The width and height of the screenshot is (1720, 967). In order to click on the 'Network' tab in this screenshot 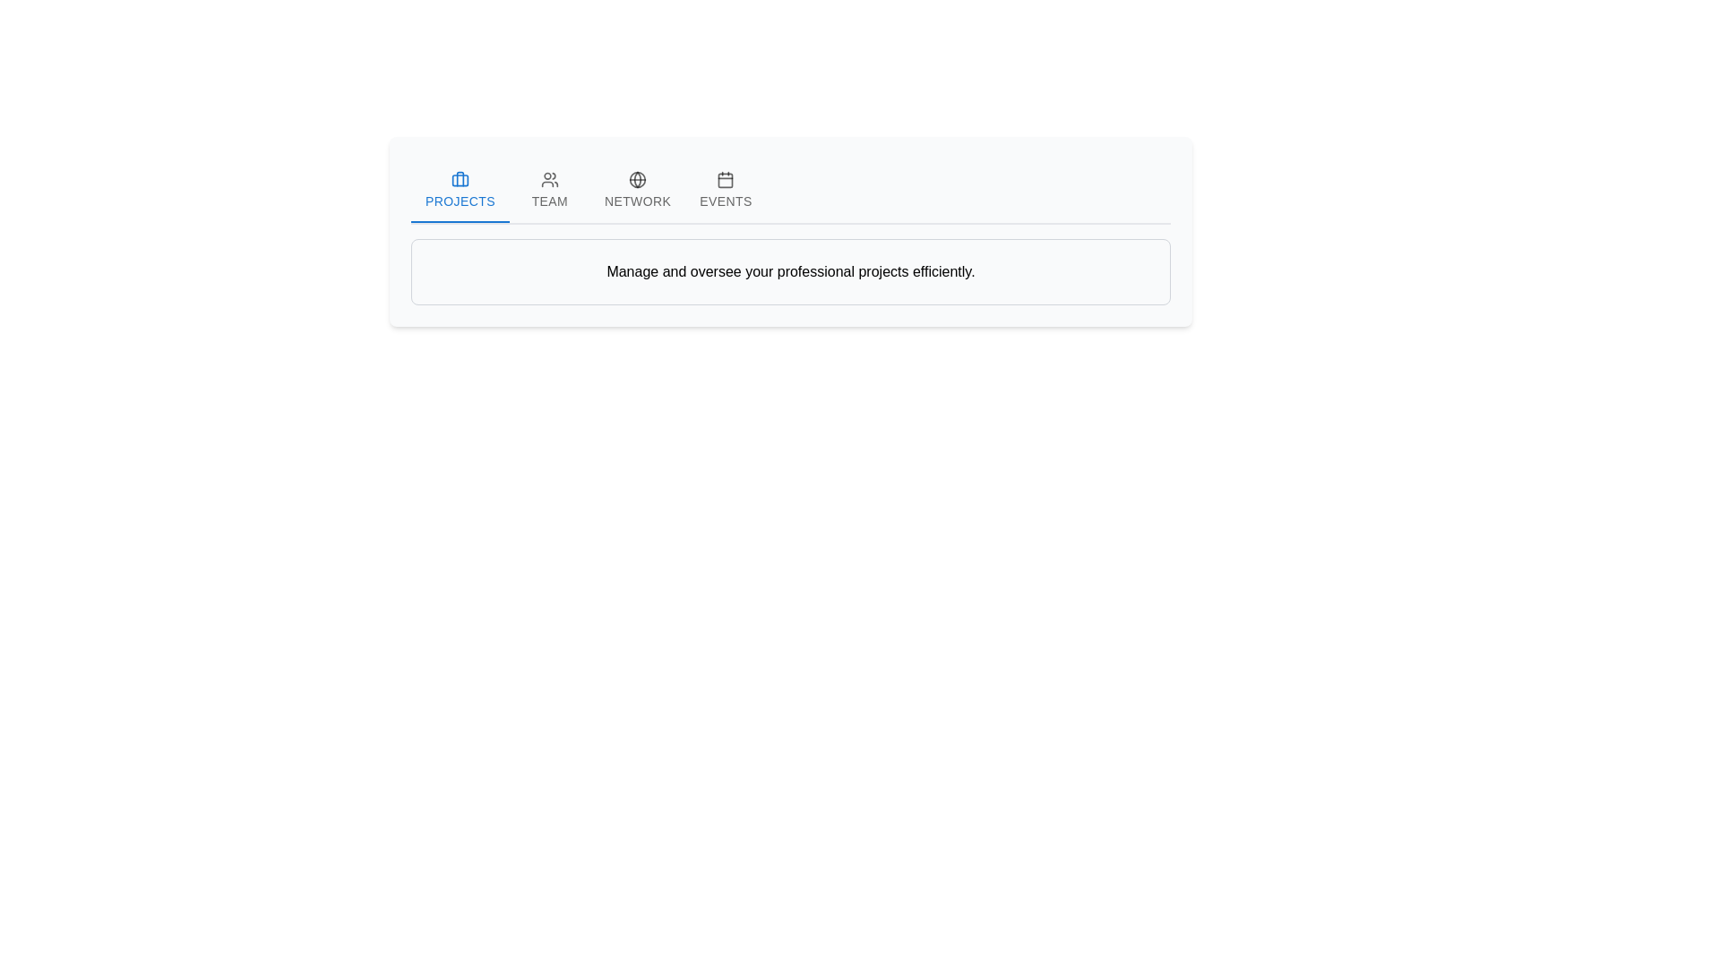, I will do `click(637, 190)`.